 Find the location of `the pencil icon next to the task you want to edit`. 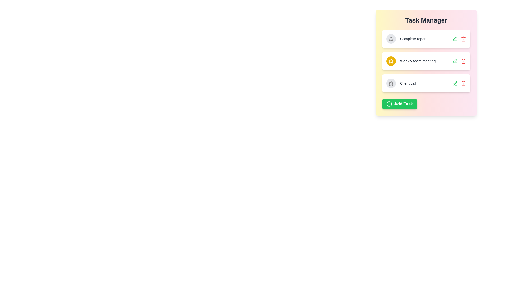

the pencil icon next to the task you want to edit is located at coordinates (455, 38).